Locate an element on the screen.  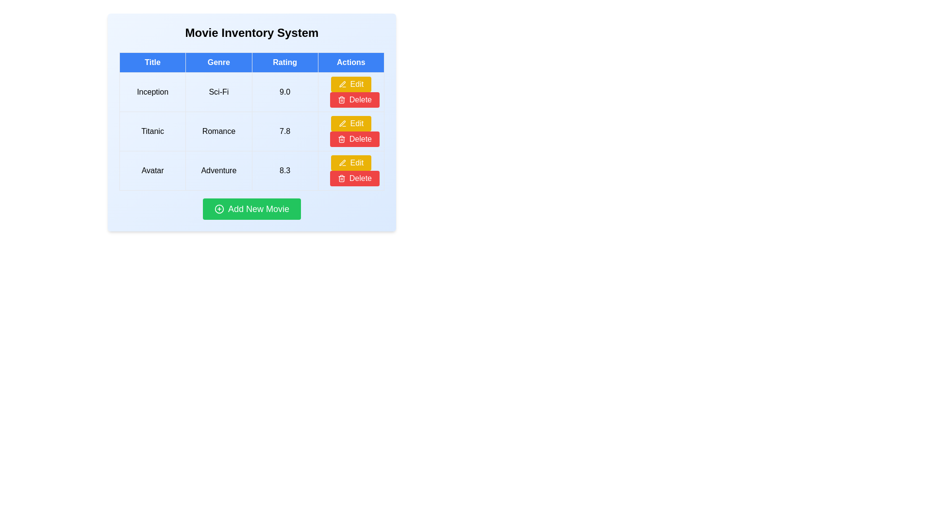
the red-colored trash can icon located in the 'Actions' column of the last row of the 'Movie Inventory System' table, which represents the movie 'Avatar' is located at coordinates (341, 139).